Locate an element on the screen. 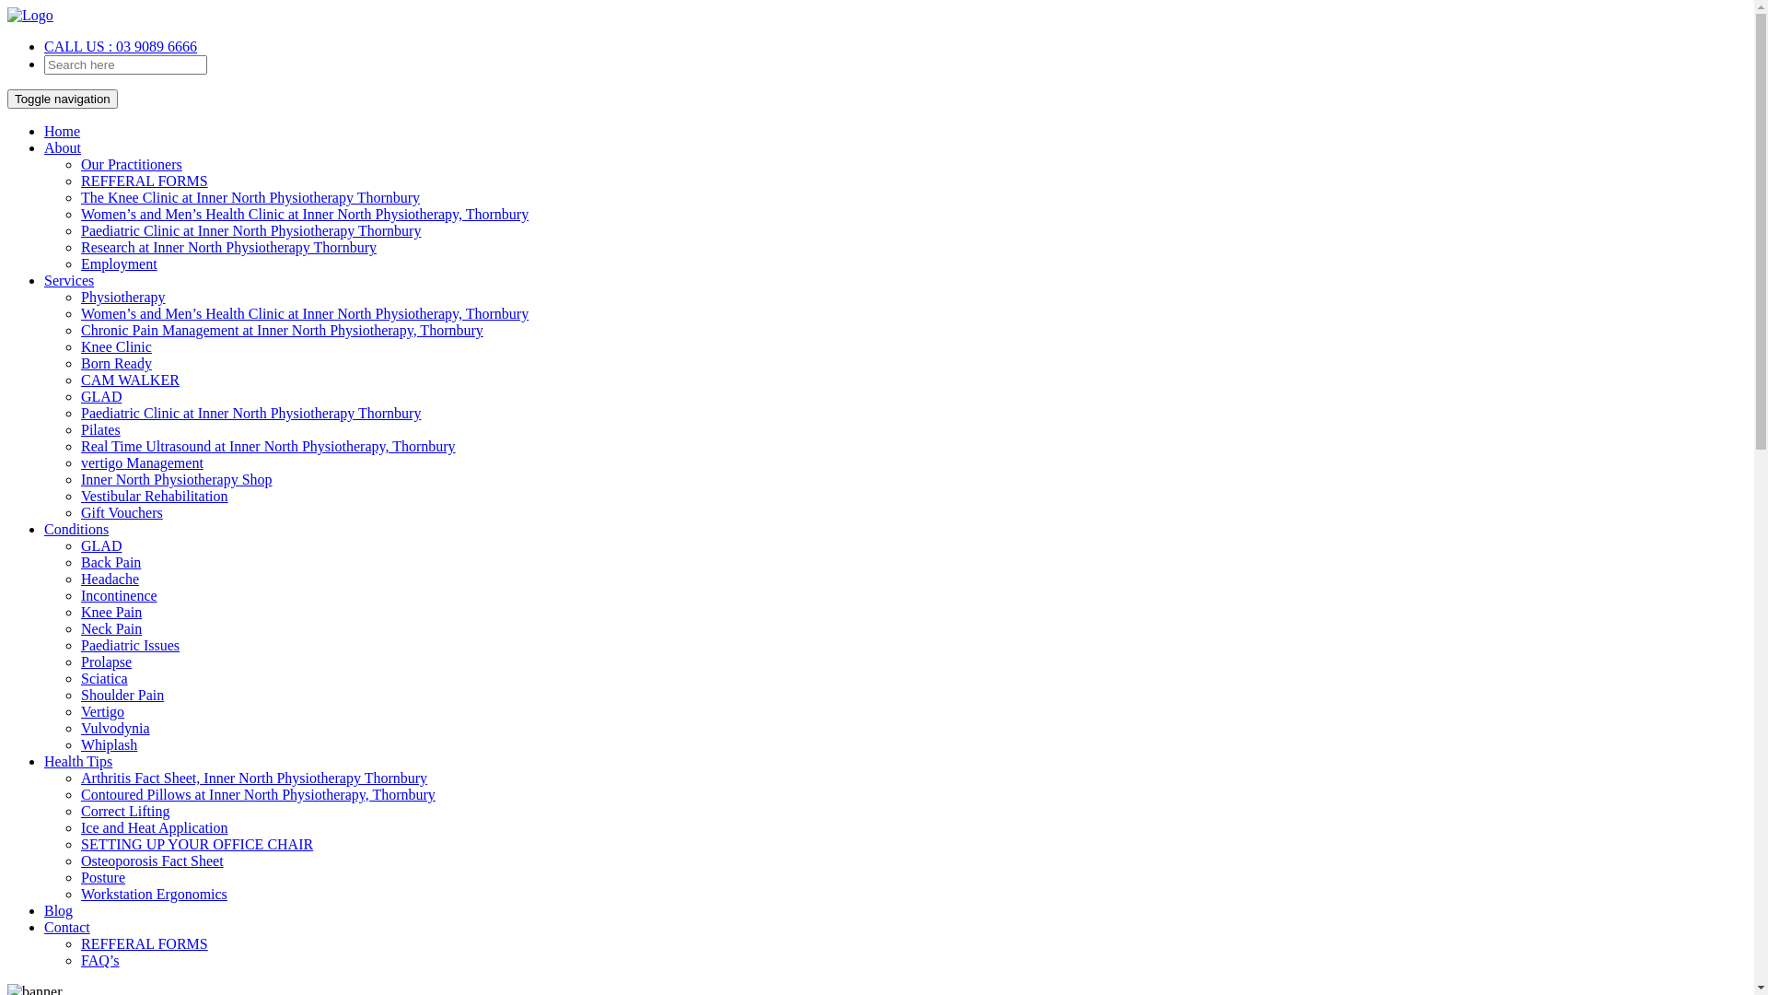  'Home' is located at coordinates (62, 130).